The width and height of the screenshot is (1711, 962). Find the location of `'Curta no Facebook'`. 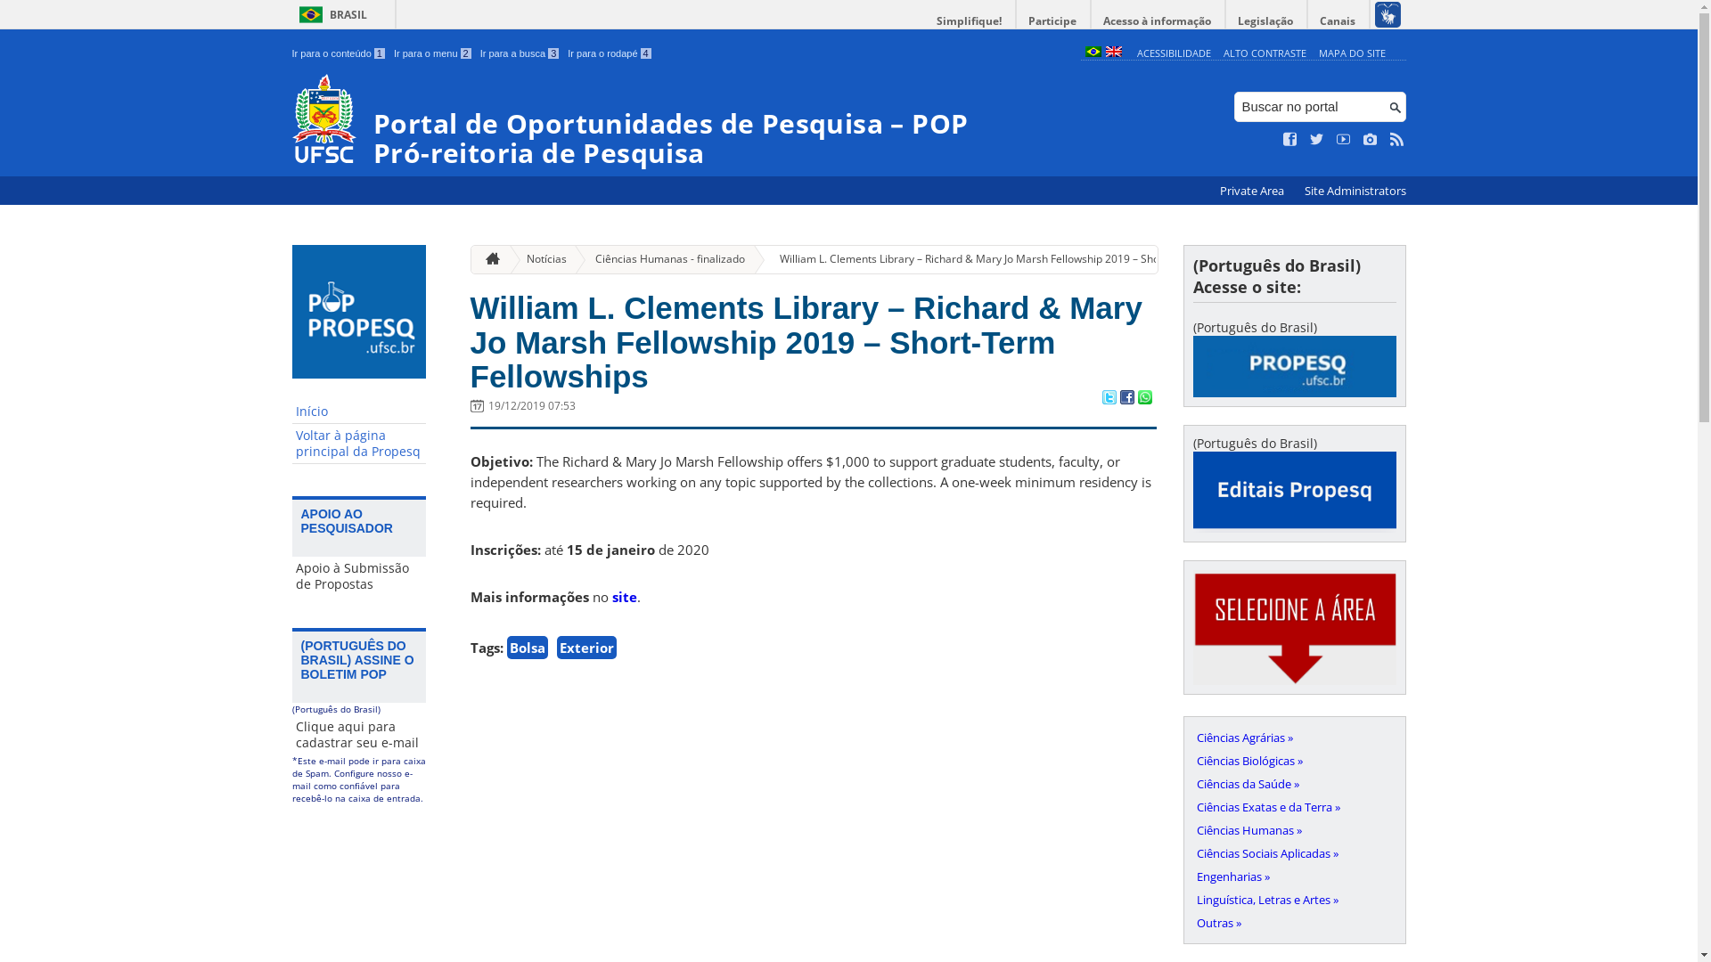

'Curta no Facebook' is located at coordinates (1283, 139).